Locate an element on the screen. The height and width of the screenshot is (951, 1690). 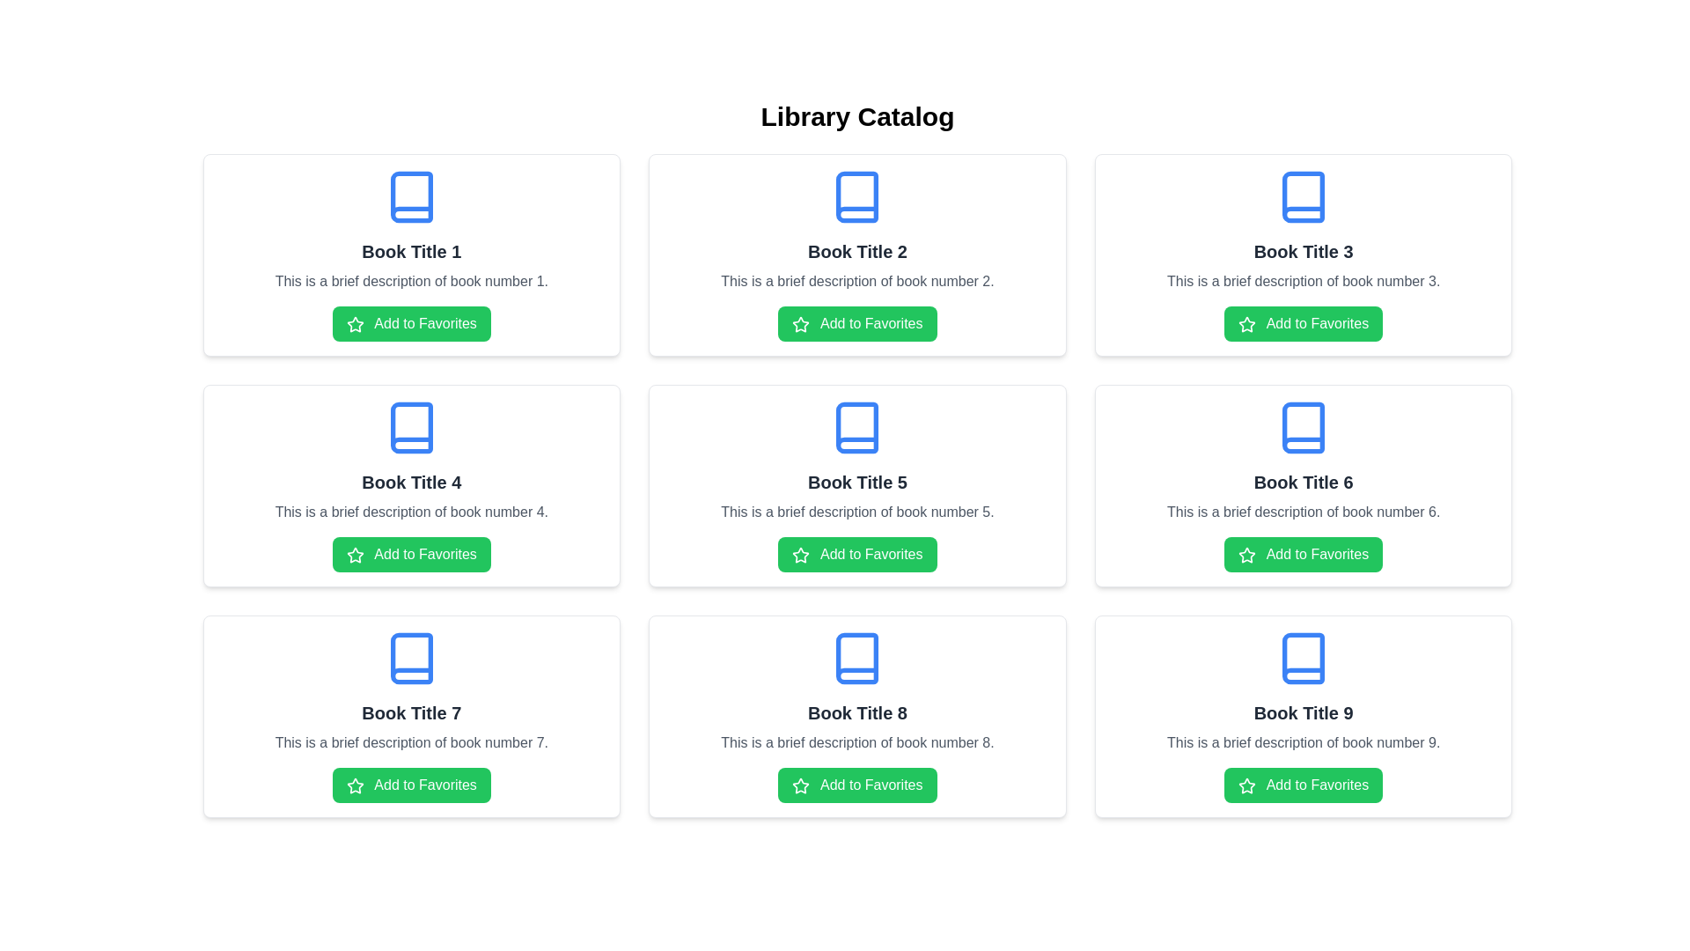
the green 'Add to Favorites' button with a star icon located at the bottom-right corner of the item card for 'Book Title 8' to change its appearance is located at coordinates (857, 784).